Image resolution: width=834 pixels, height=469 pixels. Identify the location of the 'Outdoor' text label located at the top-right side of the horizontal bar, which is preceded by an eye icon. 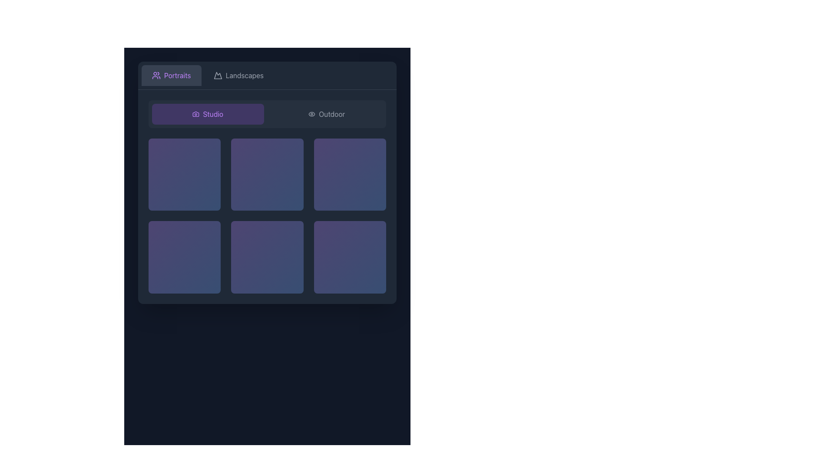
(331, 113).